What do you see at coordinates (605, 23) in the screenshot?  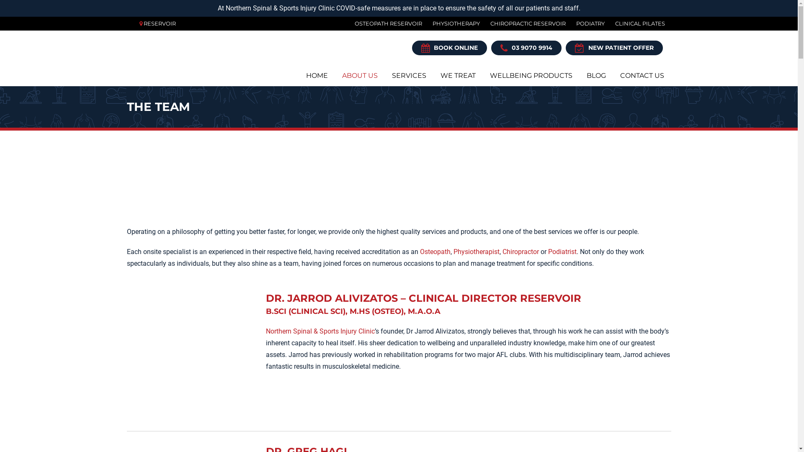 I see `'CLINICAL PILATES'` at bounding box center [605, 23].